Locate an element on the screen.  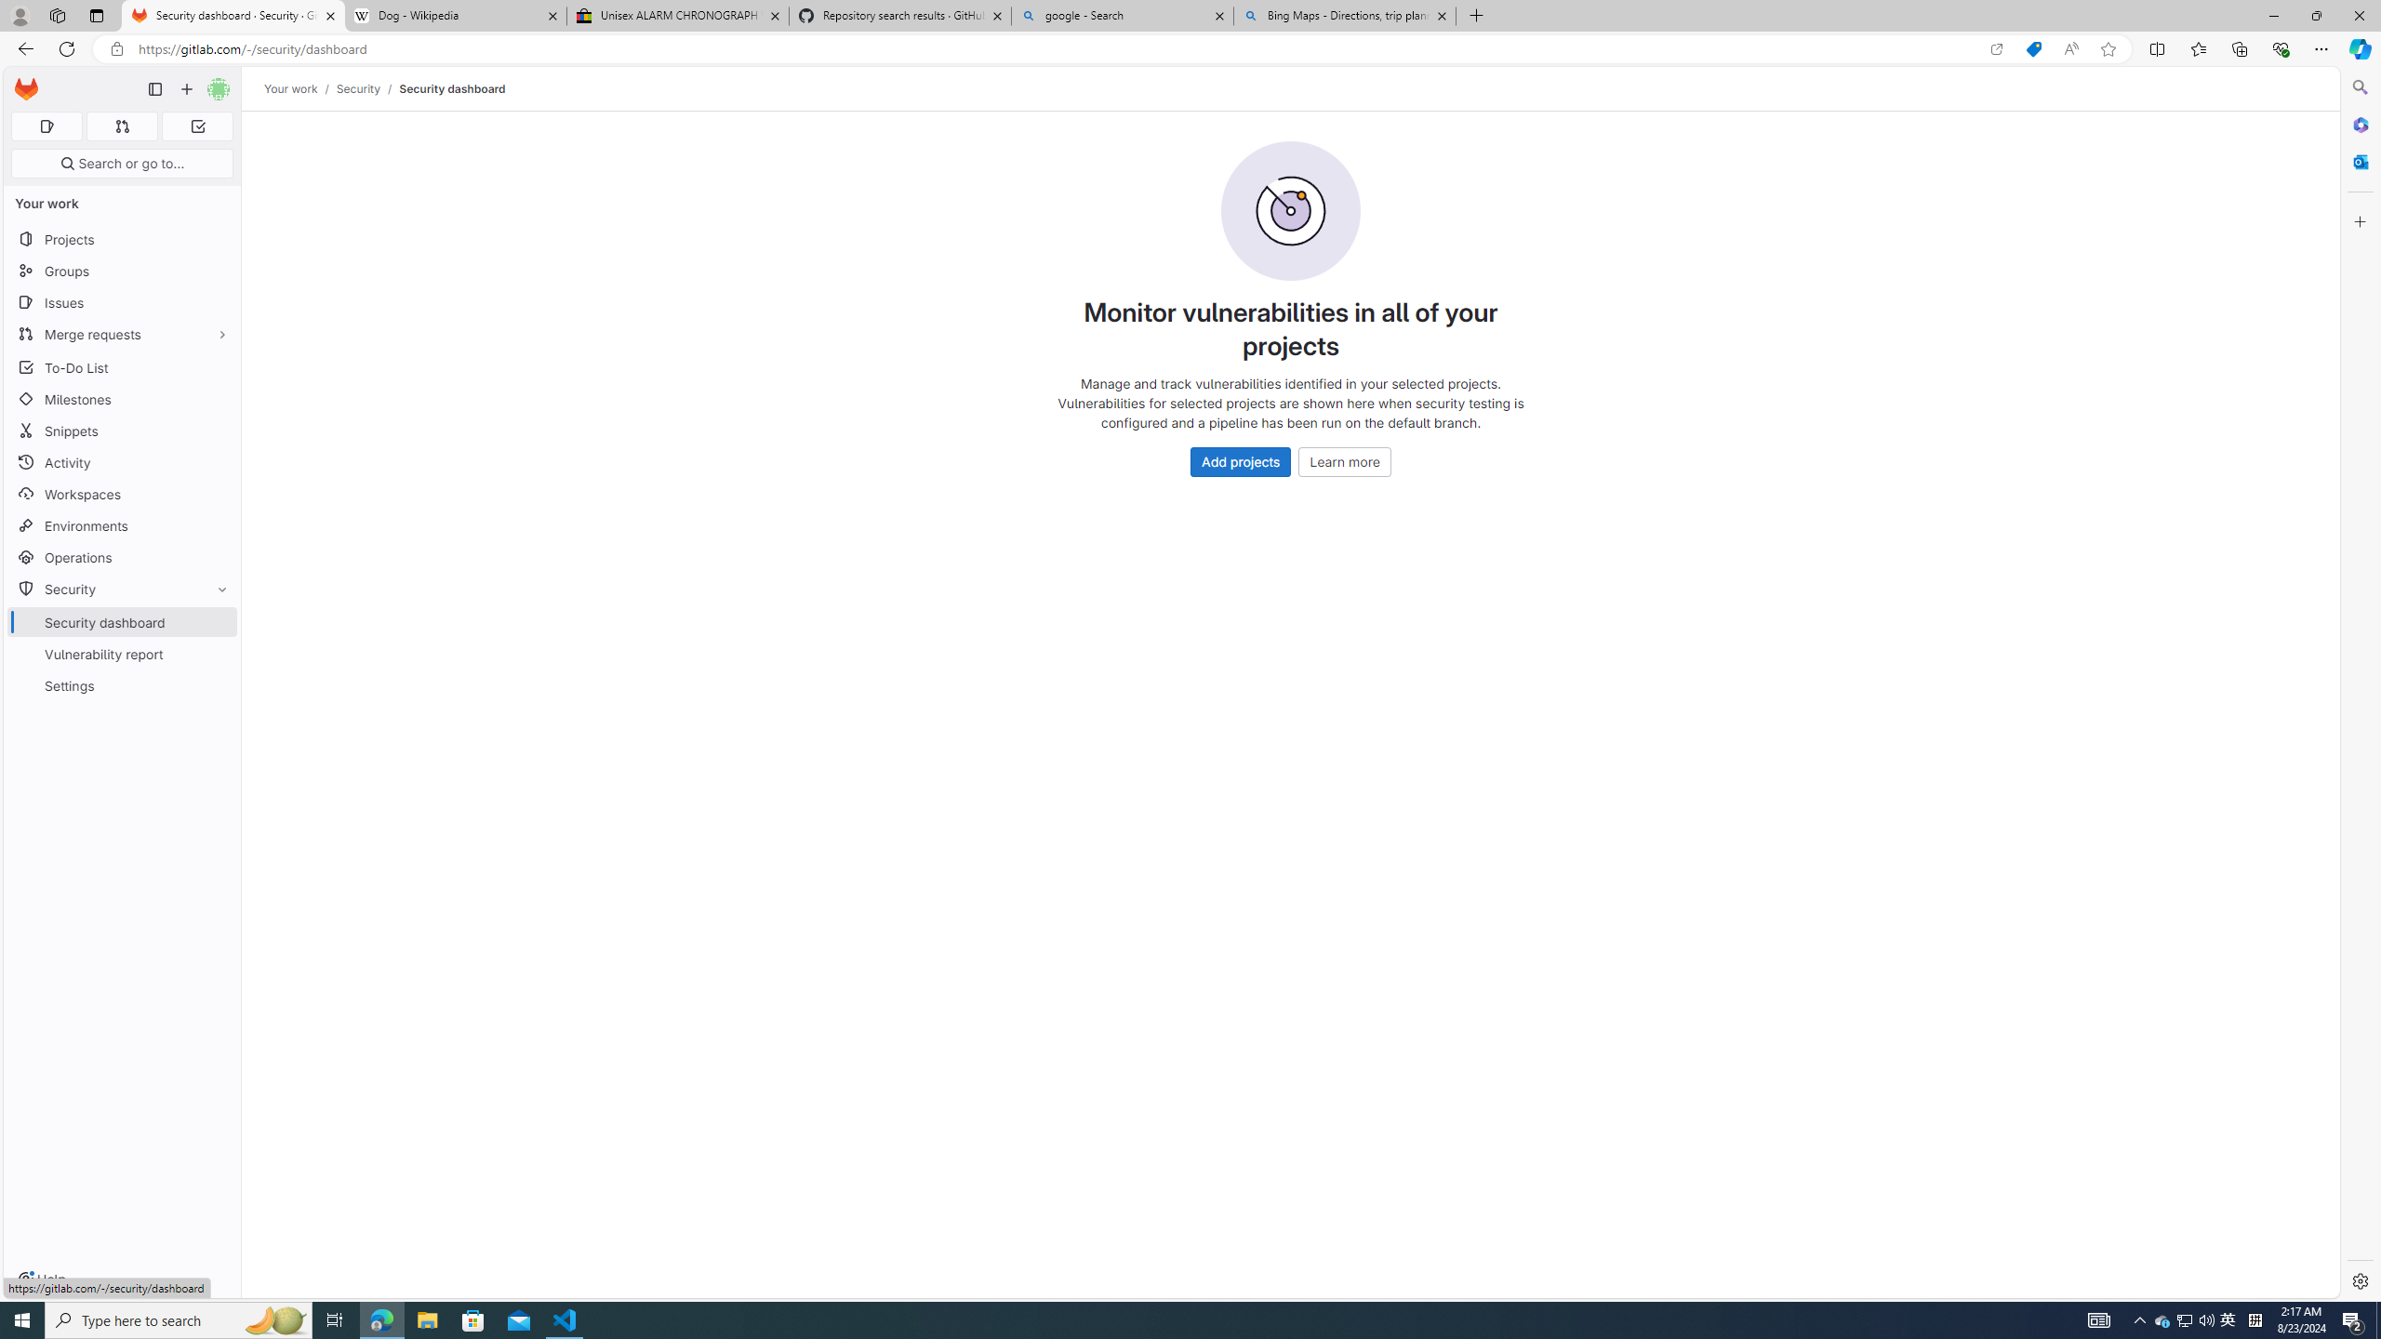
'Activity' is located at coordinates (121, 462).